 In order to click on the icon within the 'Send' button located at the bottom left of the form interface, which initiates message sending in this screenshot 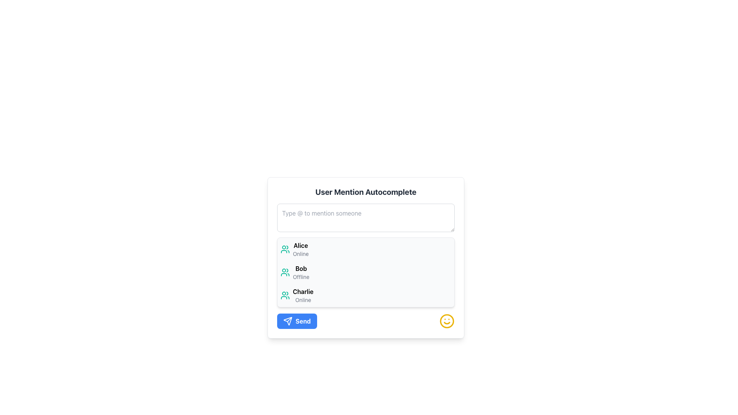, I will do `click(287, 321)`.